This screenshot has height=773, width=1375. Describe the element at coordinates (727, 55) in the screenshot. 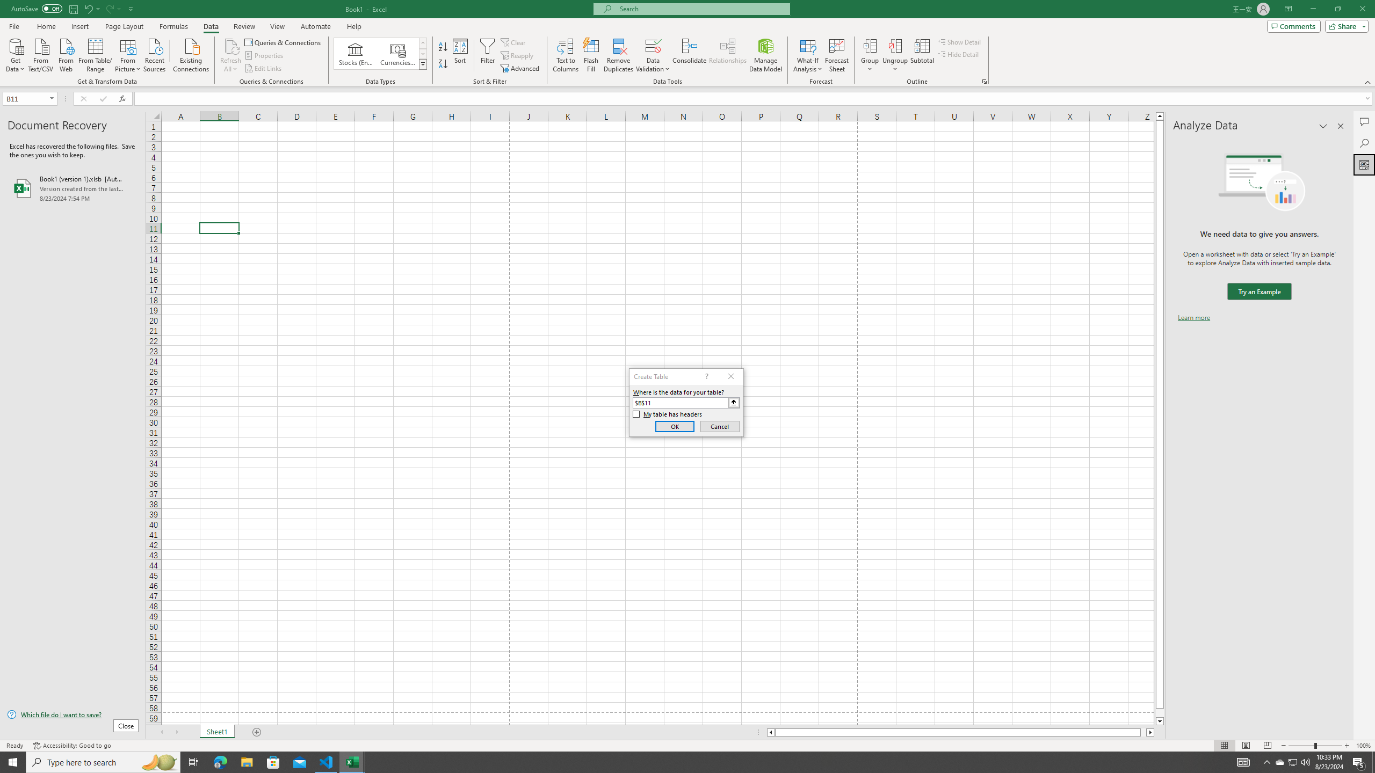

I see `'Relationships'` at that location.